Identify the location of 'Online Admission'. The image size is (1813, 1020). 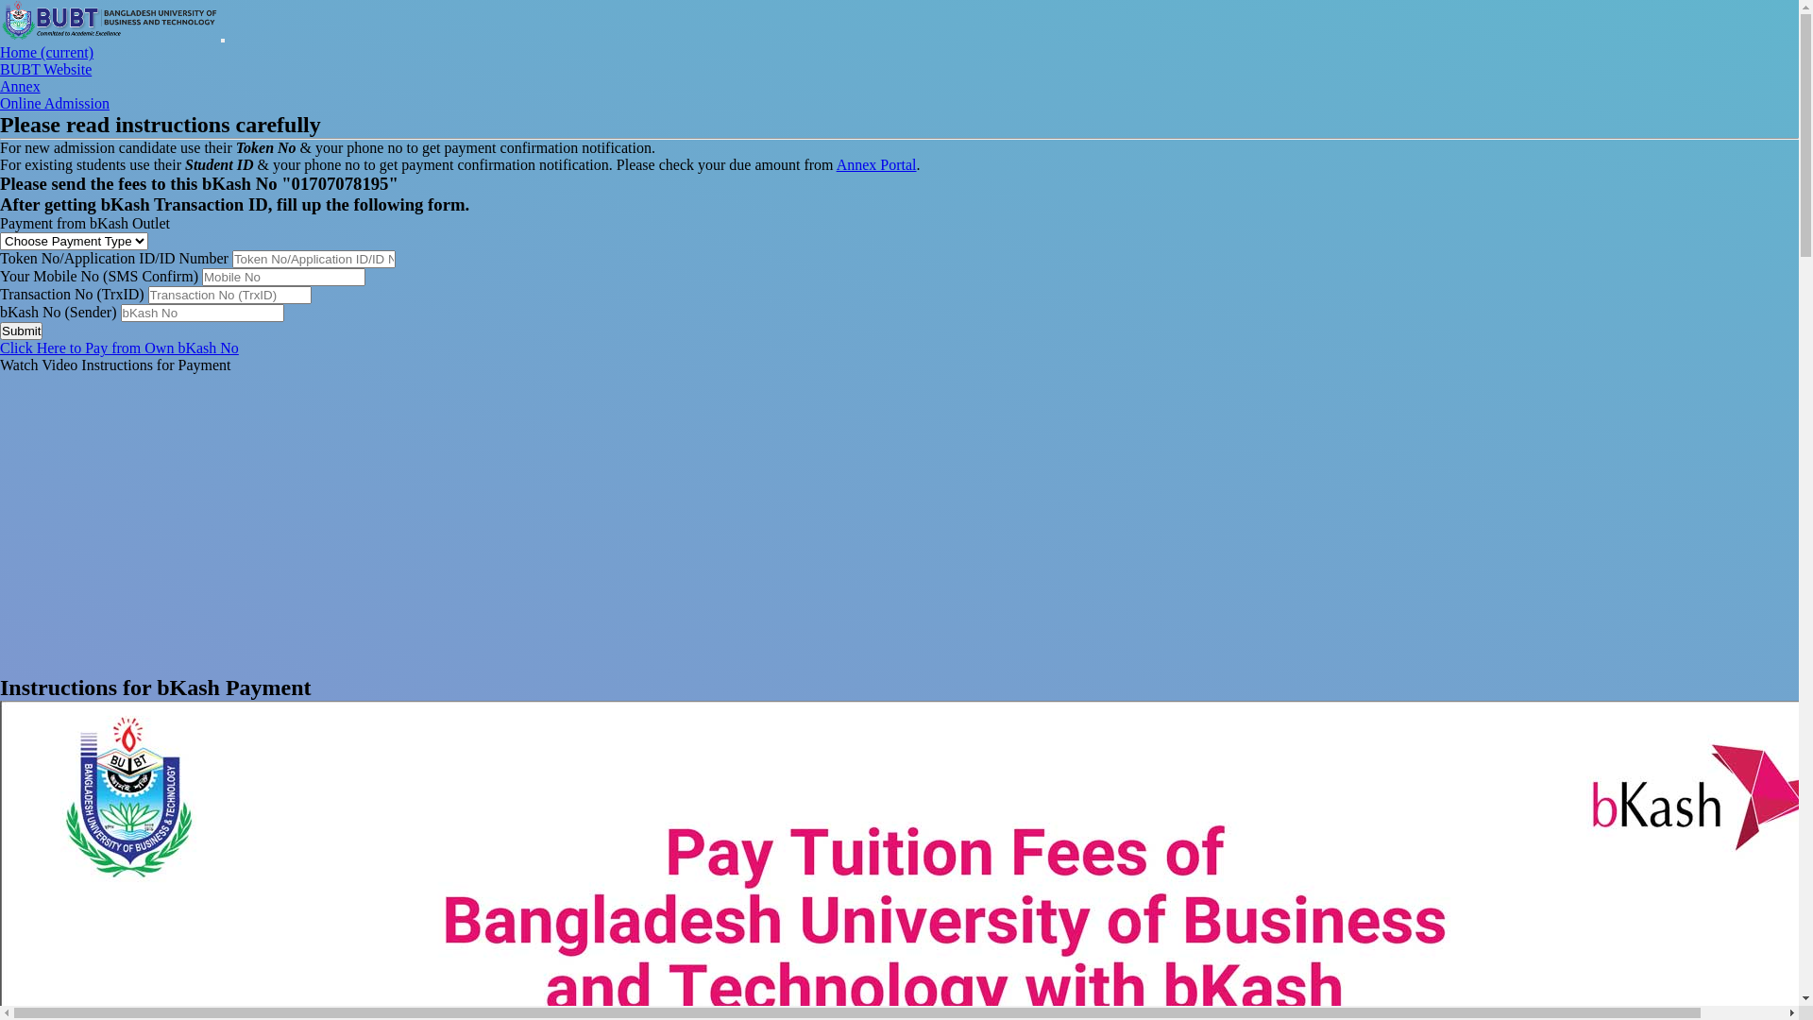
(54, 103).